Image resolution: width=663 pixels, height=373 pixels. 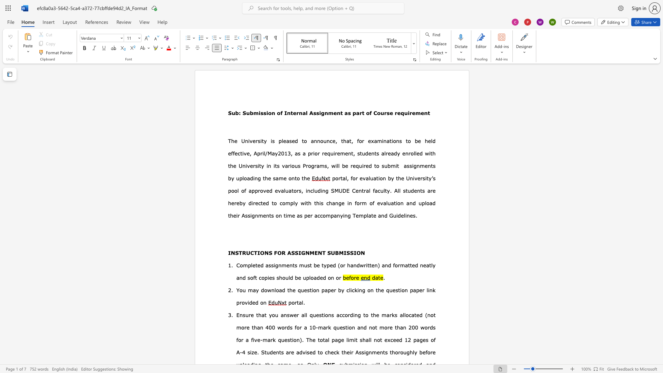 I want to click on the 1th character "r" in the text, so click(x=352, y=165).